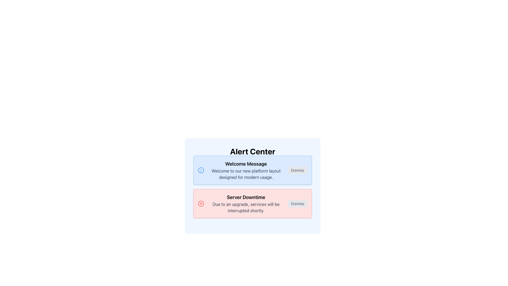 Image resolution: width=508 pixels, height=286 pixels. What do you see at coordinates (246, 202) in the screenshot?
I see `the bold title text 'Server Downtime' located at the top of the red alert box` at bounding box center [246, 202].